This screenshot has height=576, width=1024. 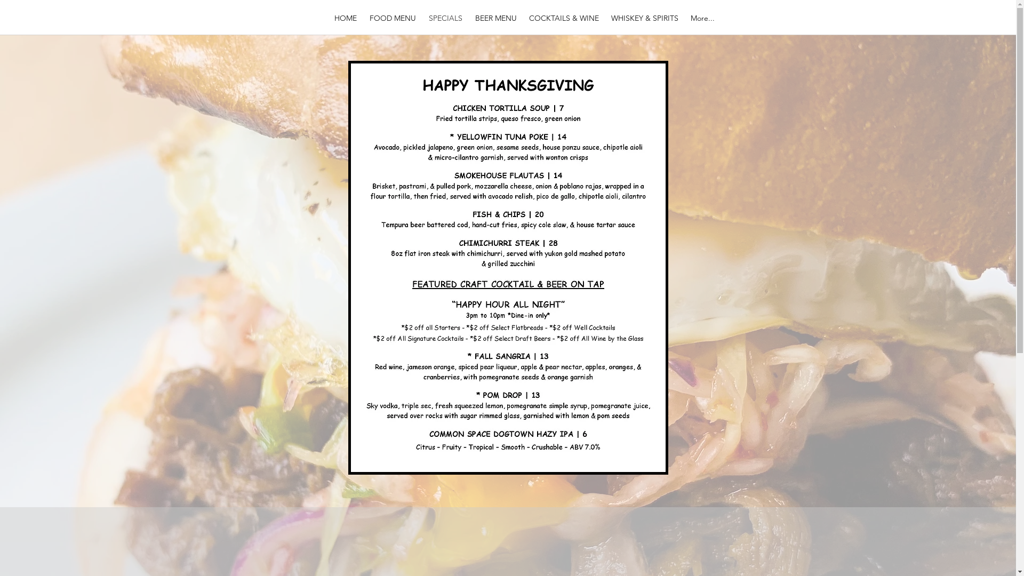 What do you see at coordinates (445, 18) in the screenshot?
I see `'SPECIALS'` at bounding box center [445, 18].